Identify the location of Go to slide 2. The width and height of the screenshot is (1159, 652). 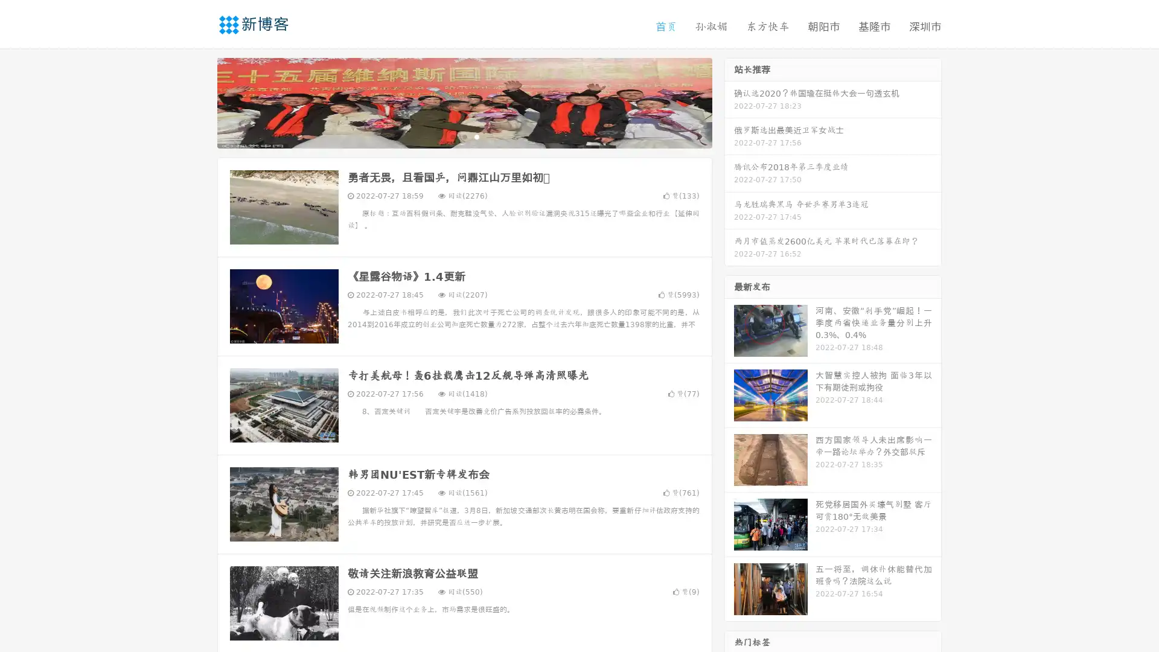
(464, 136).